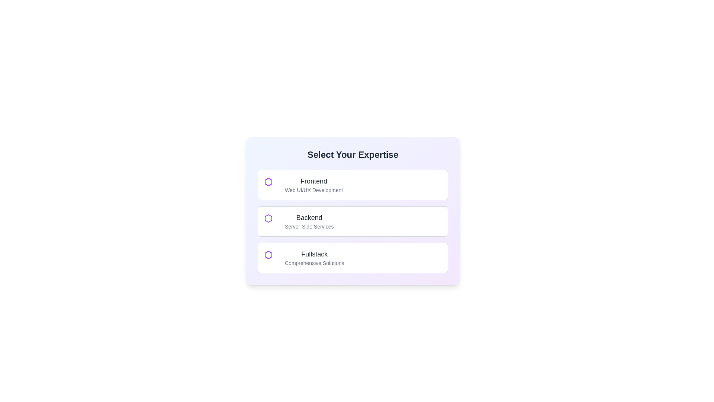  Describe the element at coordinates (314, 253) in the screenshot. I see `the static text label displaying 'Fullstack' within the third choice box of the options list titled 'Select Your Expertise'` at that location.